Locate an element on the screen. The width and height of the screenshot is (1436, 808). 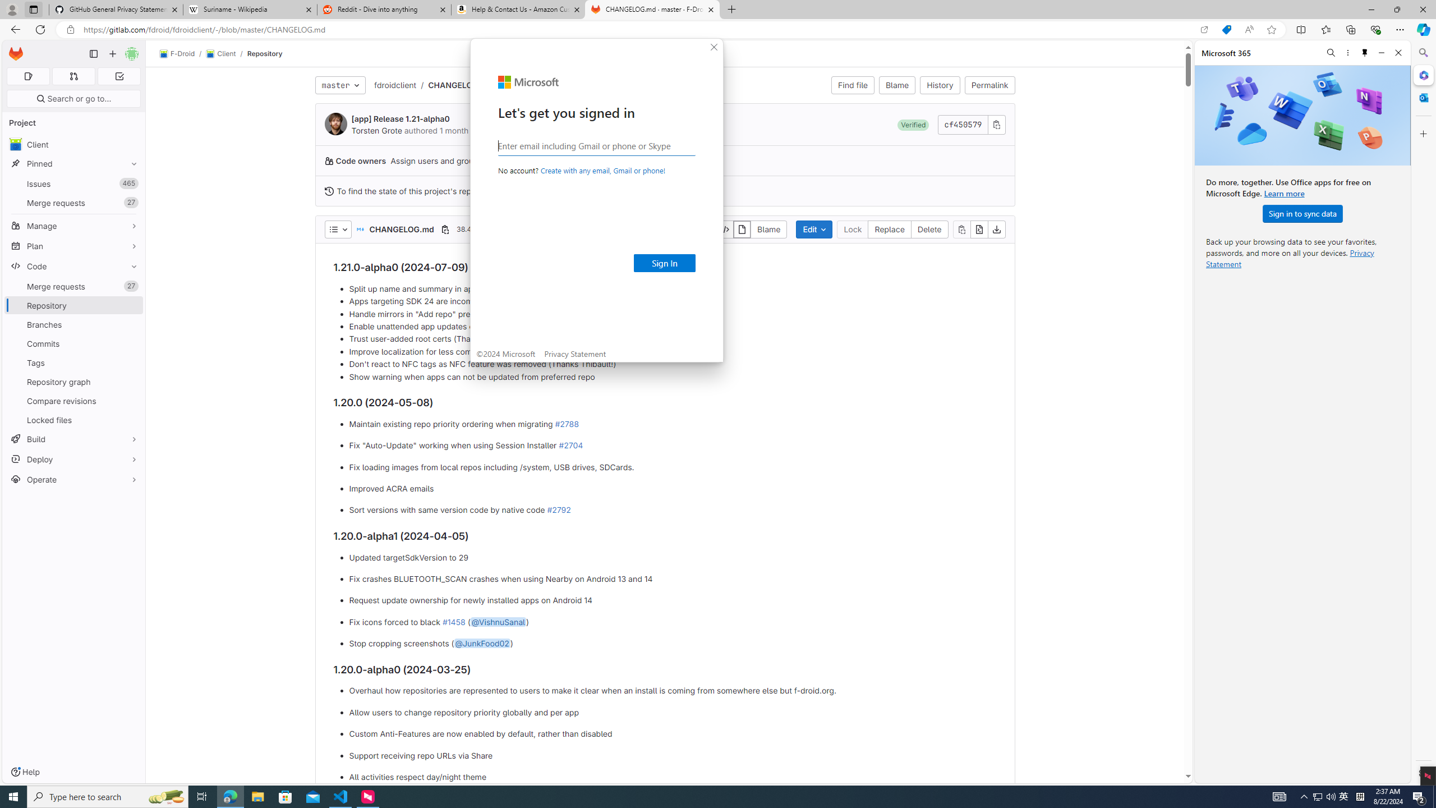
'Merge requests27' is located at coordinates (73, 286).